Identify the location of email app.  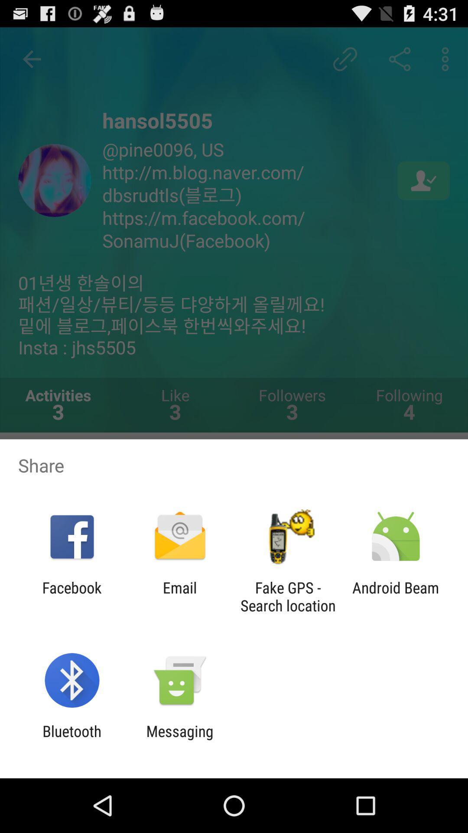
(179, 596).